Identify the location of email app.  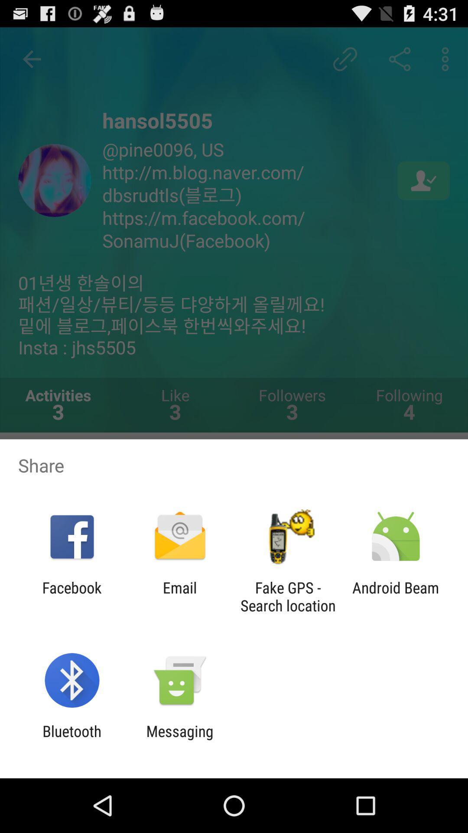
(179, 596).